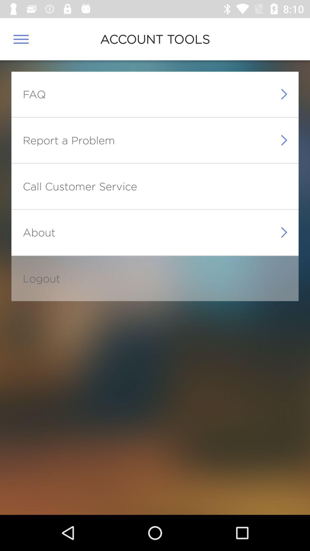 The width and height of the screenshot is (310, 551). Describe the element at coordinates (39, 232) in the screenshot. I see `icon below call customer service` at that location.